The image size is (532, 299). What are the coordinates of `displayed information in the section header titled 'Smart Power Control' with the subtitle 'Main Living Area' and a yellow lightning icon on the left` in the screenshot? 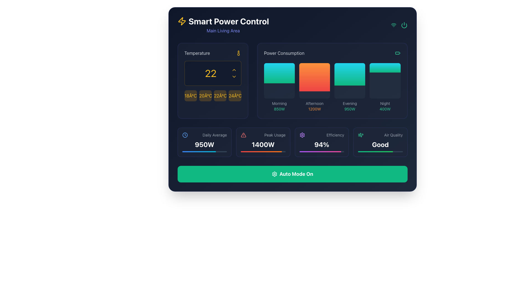 It's located at (223, 25).